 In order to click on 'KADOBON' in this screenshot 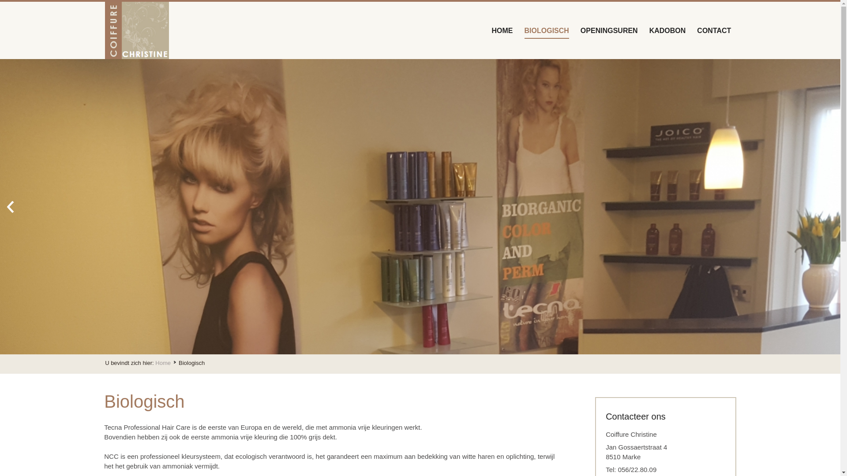, I will do `click(667, 30)`.